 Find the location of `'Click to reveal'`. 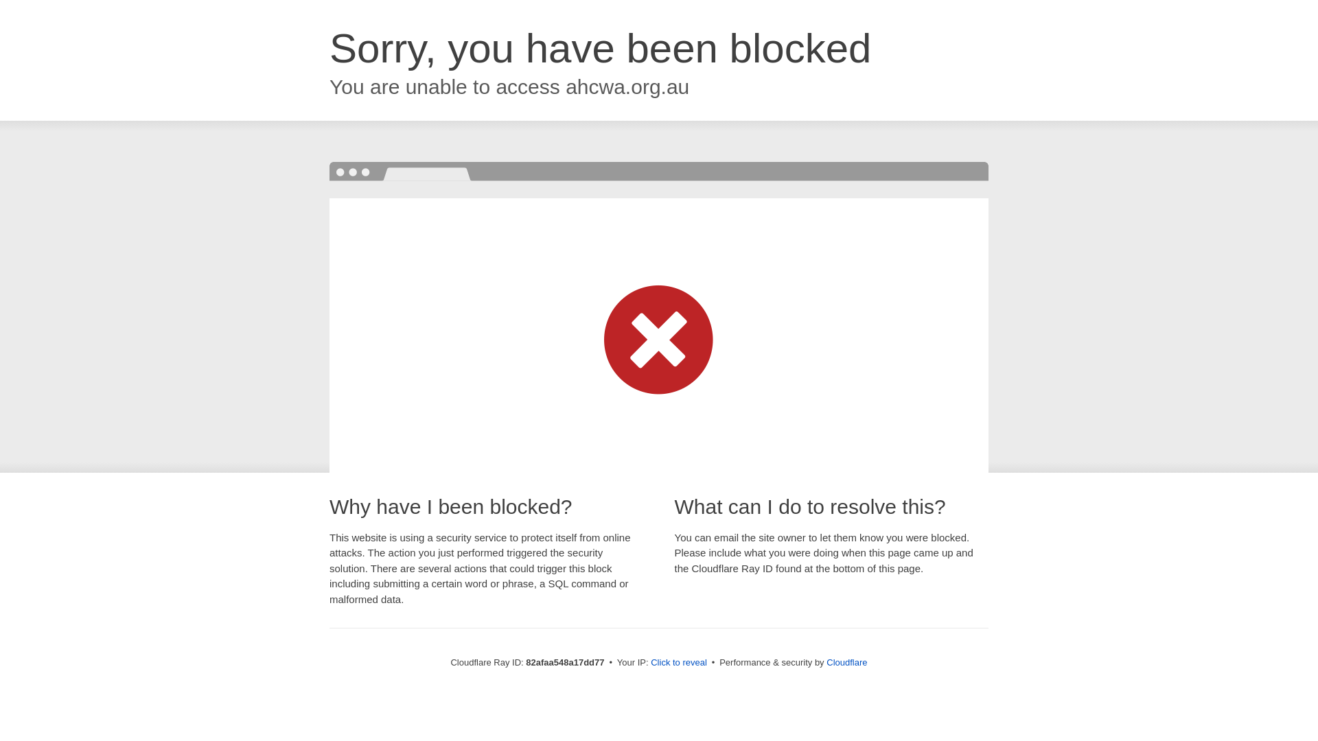

'Click to reveal' is located at coordinates (650, 661).